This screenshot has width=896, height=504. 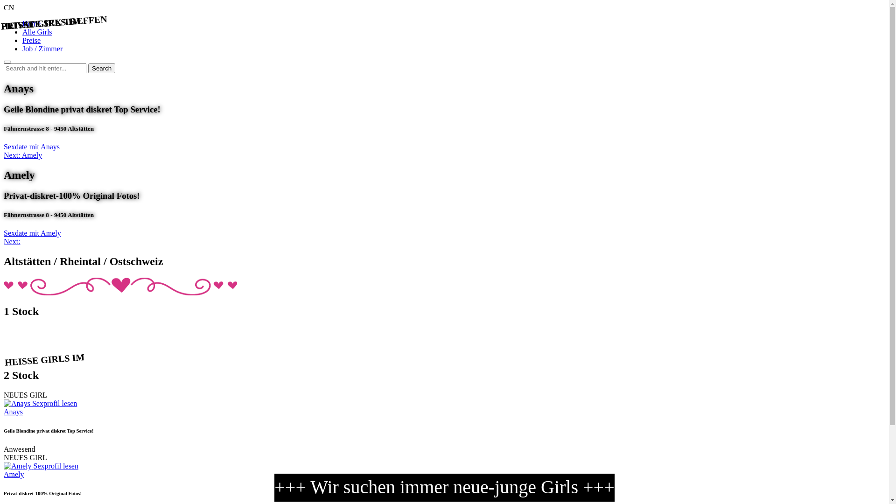 What do you see at coordinates (56, 466) in the screenshot?
I see `'Sexprofil lesen'` at bounding box center [56, 466].